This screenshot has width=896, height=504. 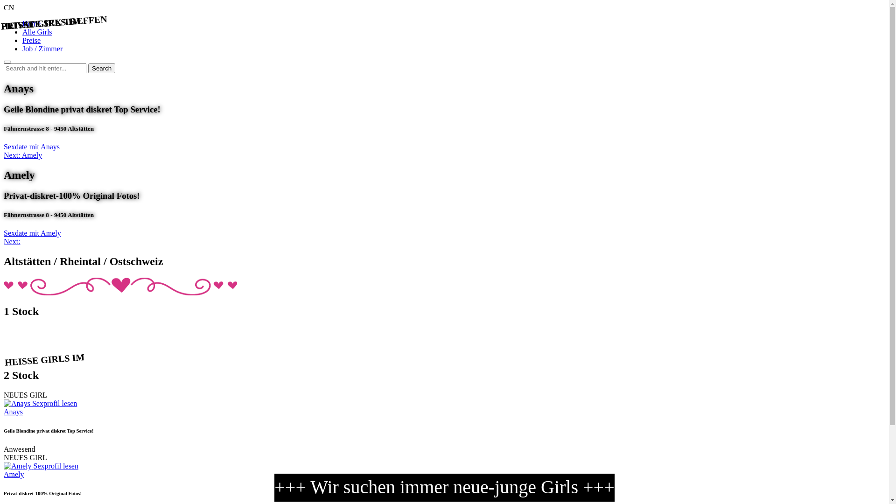 What do you see at coordinates (56, 466) in the screenshot?
I see `'Sexprofil lesen'` at bounding box center [56, 466].